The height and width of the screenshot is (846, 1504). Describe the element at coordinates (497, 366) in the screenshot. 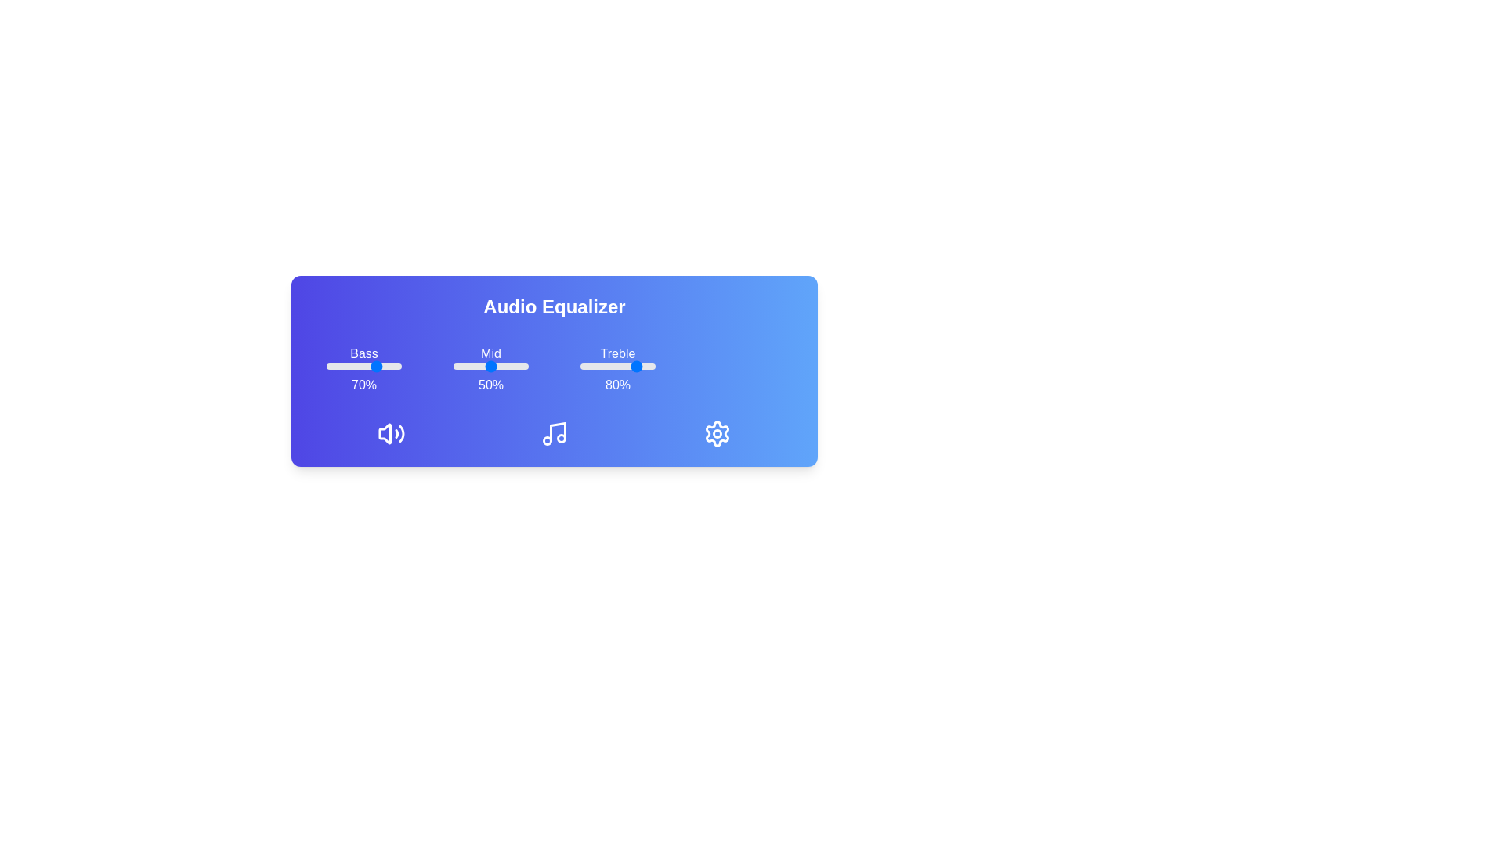

I see `the mid slider to 59%` at that location.